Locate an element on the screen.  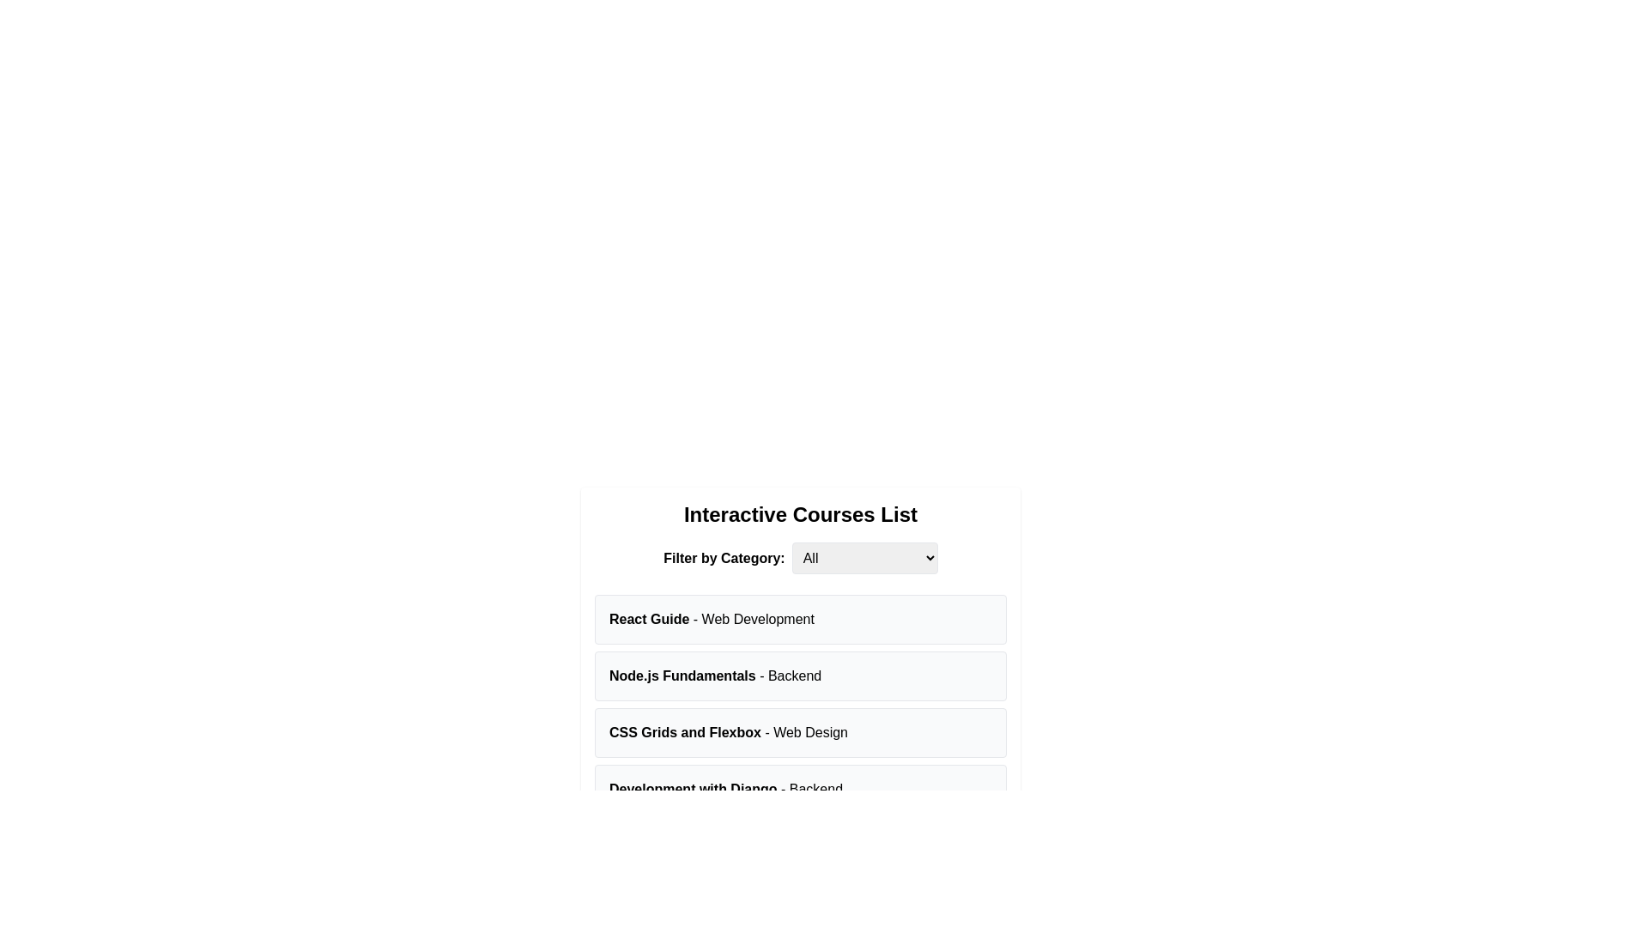
the static text label that reads 'CSS Grids and Flexbox', which is the third item in the list of courses on the web page is located at coordinates (684, 732).